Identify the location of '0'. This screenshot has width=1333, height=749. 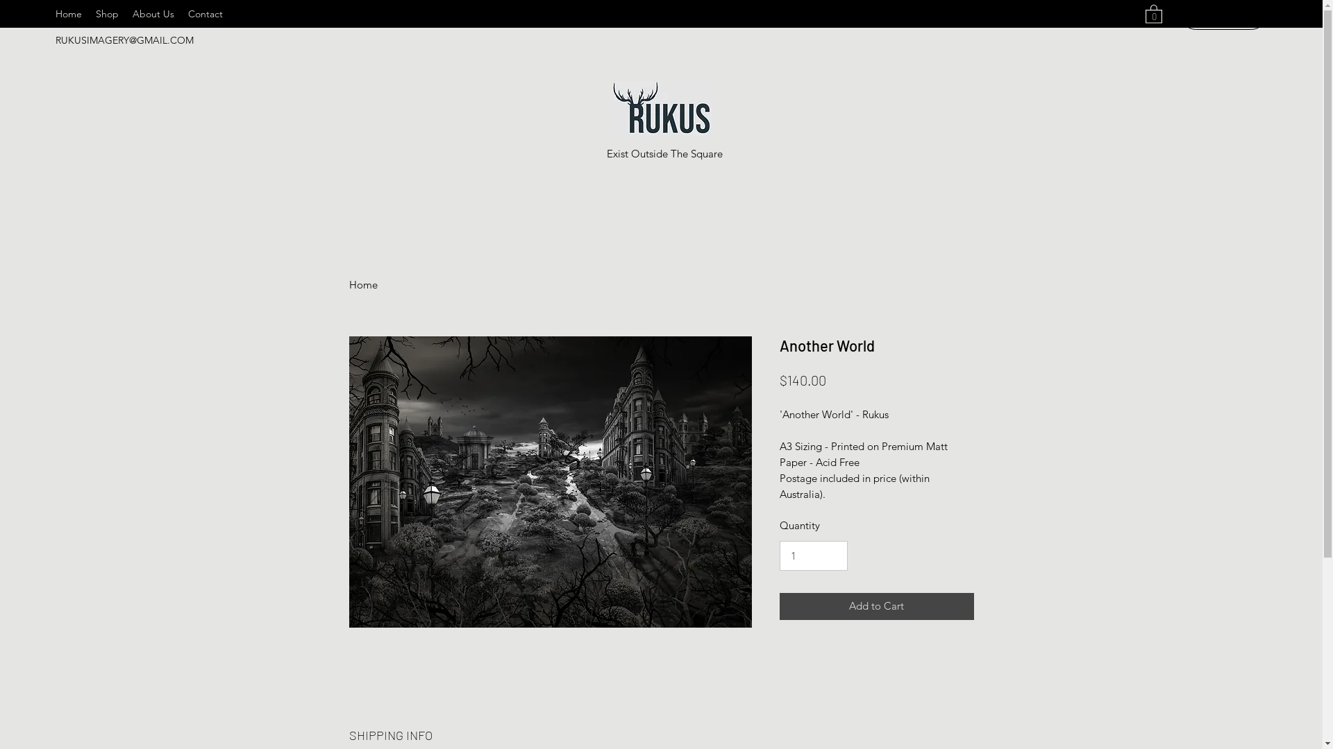
(1153, 13).